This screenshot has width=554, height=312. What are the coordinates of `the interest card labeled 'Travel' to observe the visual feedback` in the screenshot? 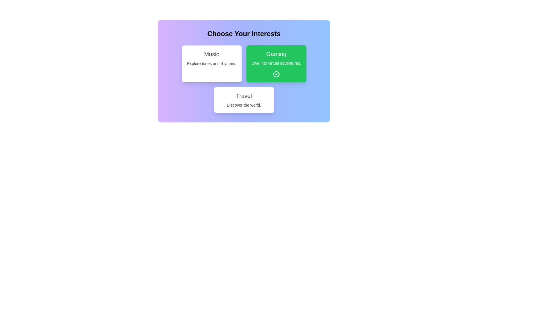 It's located at (244, 100).